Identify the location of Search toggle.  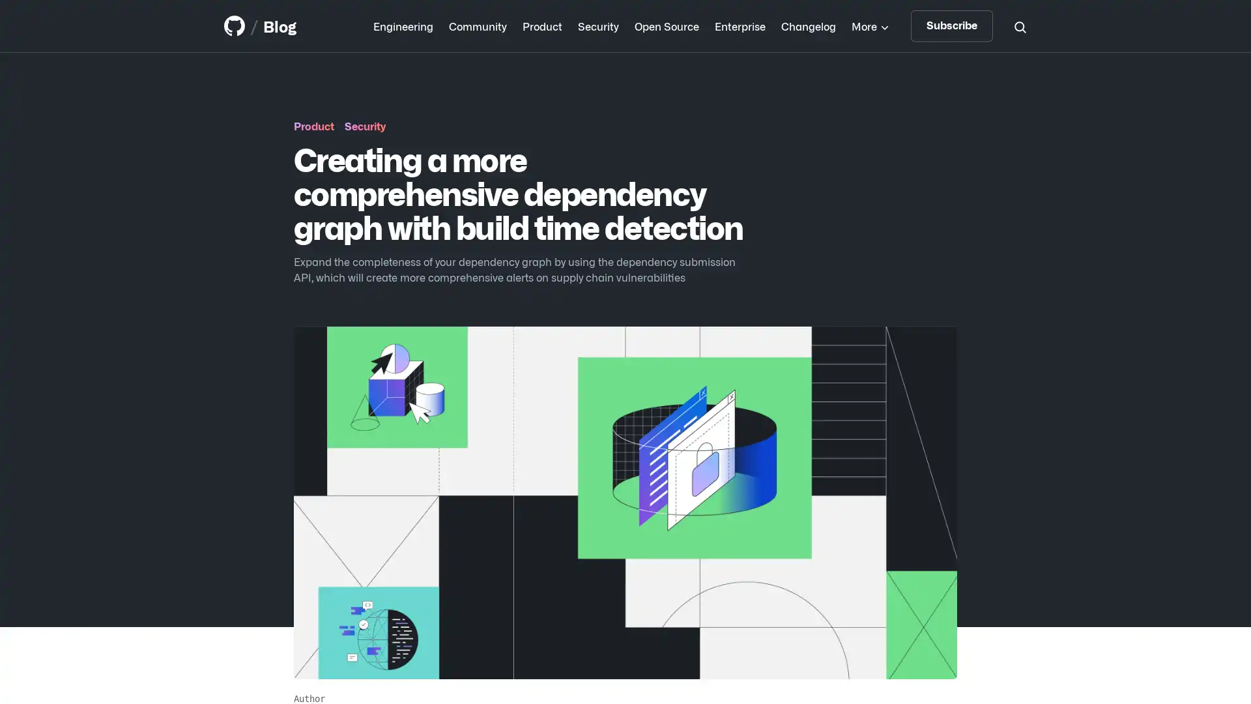
(1019, 25).